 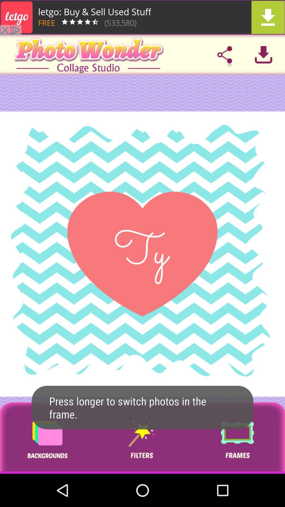 I want to click on button for filter options, so click(x=142, y=438).